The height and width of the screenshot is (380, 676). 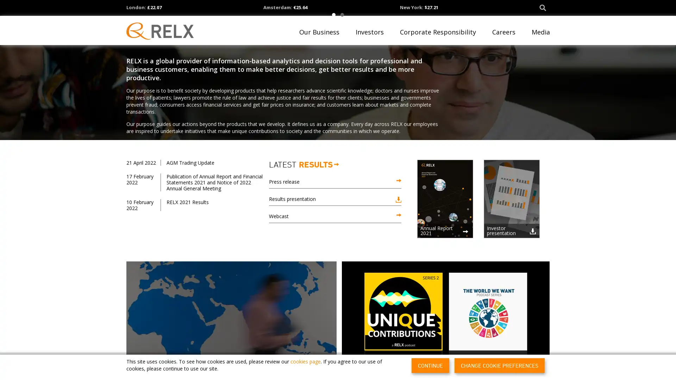 I want to click on CHANGE COOKIE PREFERENCES, so click(x=499, y=365).